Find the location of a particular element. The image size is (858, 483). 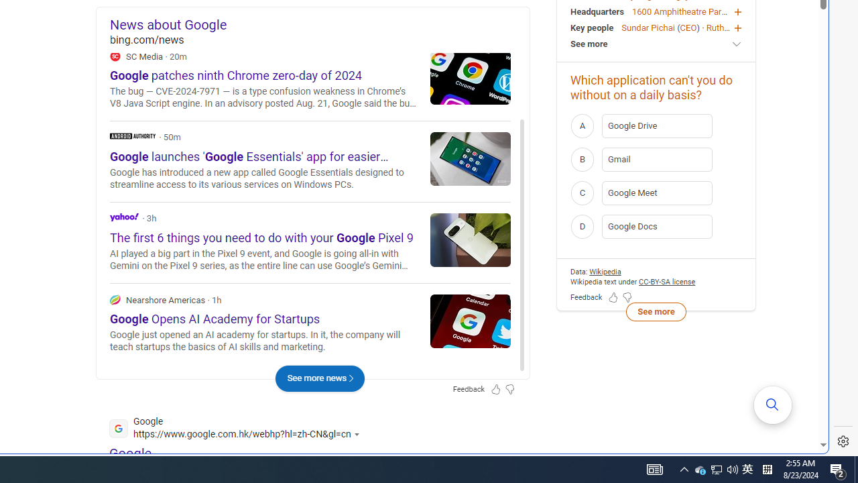

'Ruth Porat' is located at coordinates (726, 28).